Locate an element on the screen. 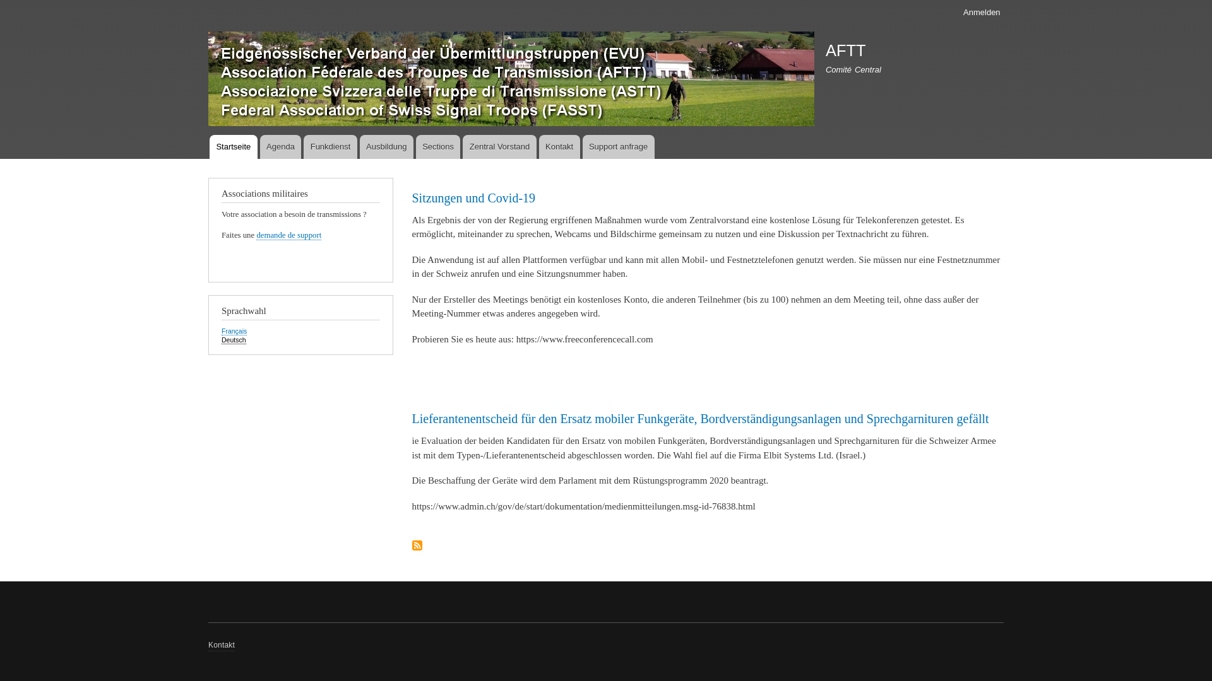  'Sections' is located at coordinates (438, 146).